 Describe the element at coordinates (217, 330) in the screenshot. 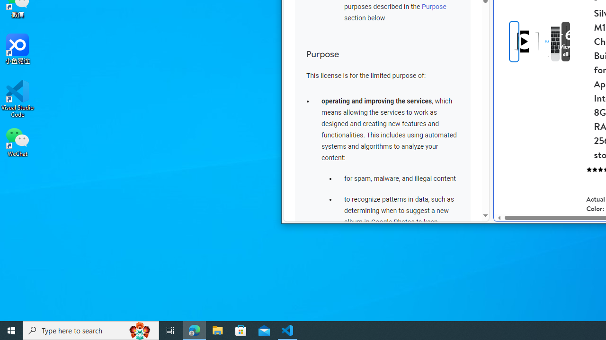

I see `'File Explorer'` at that location.